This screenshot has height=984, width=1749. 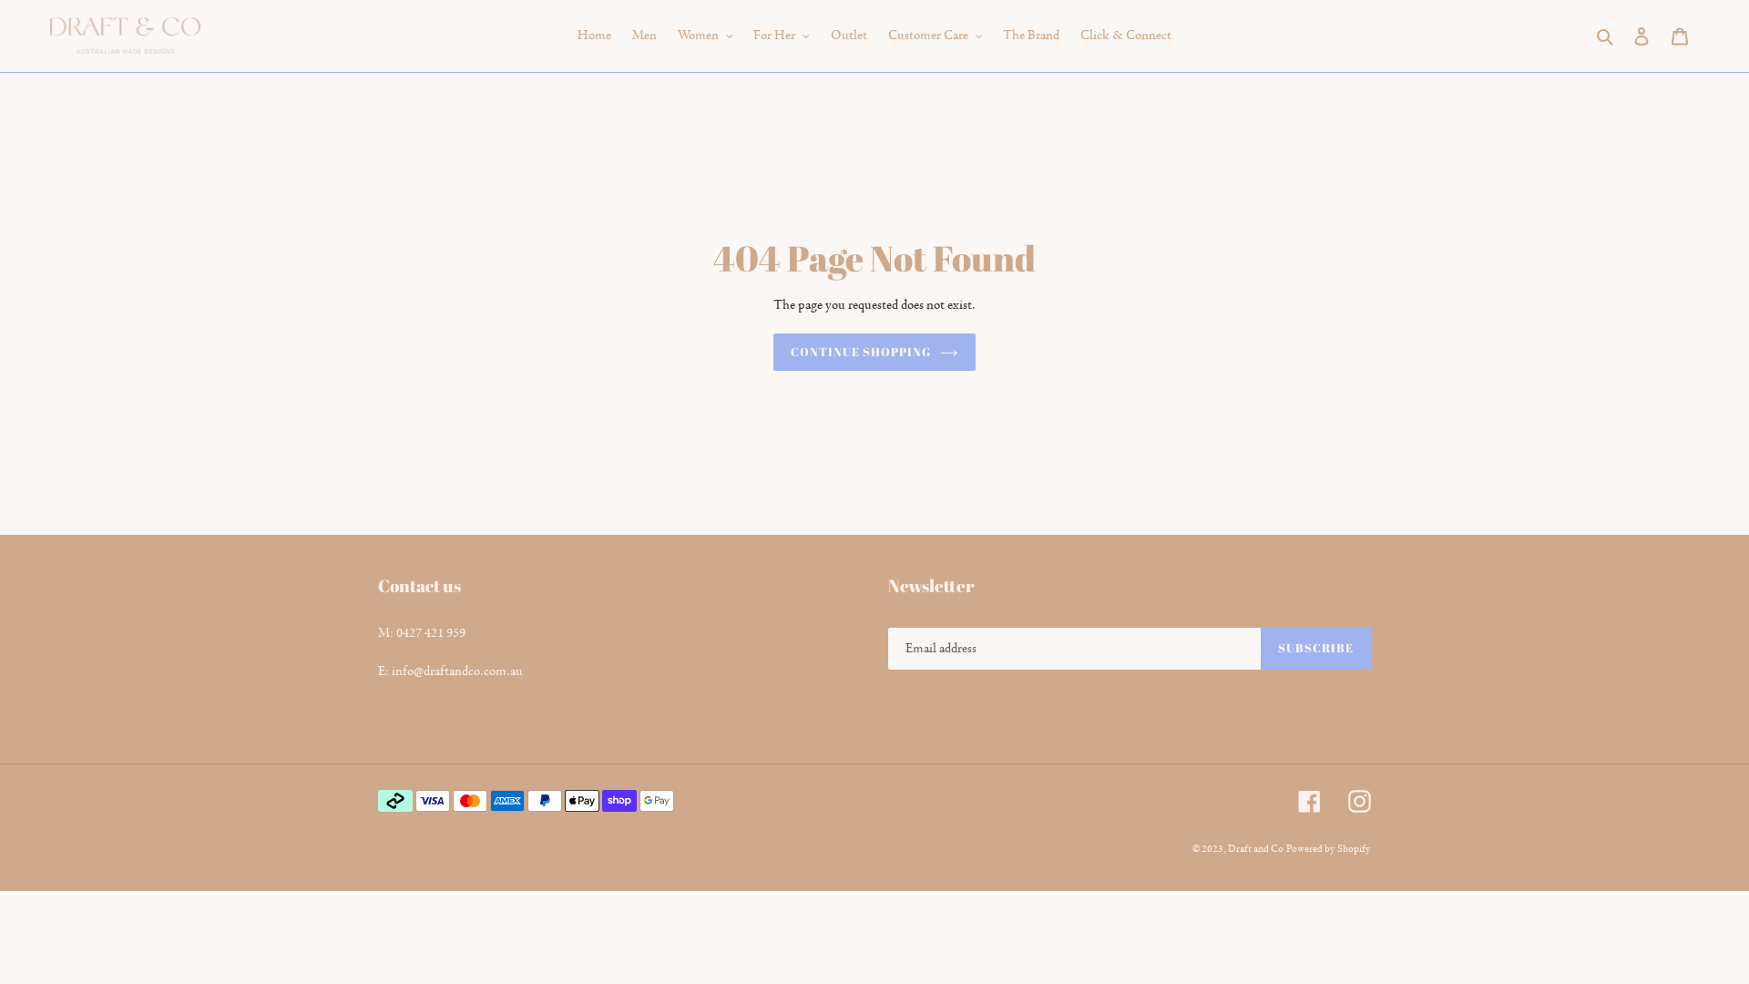 I want to click on 'Outlet', so click(x=847, y=36).